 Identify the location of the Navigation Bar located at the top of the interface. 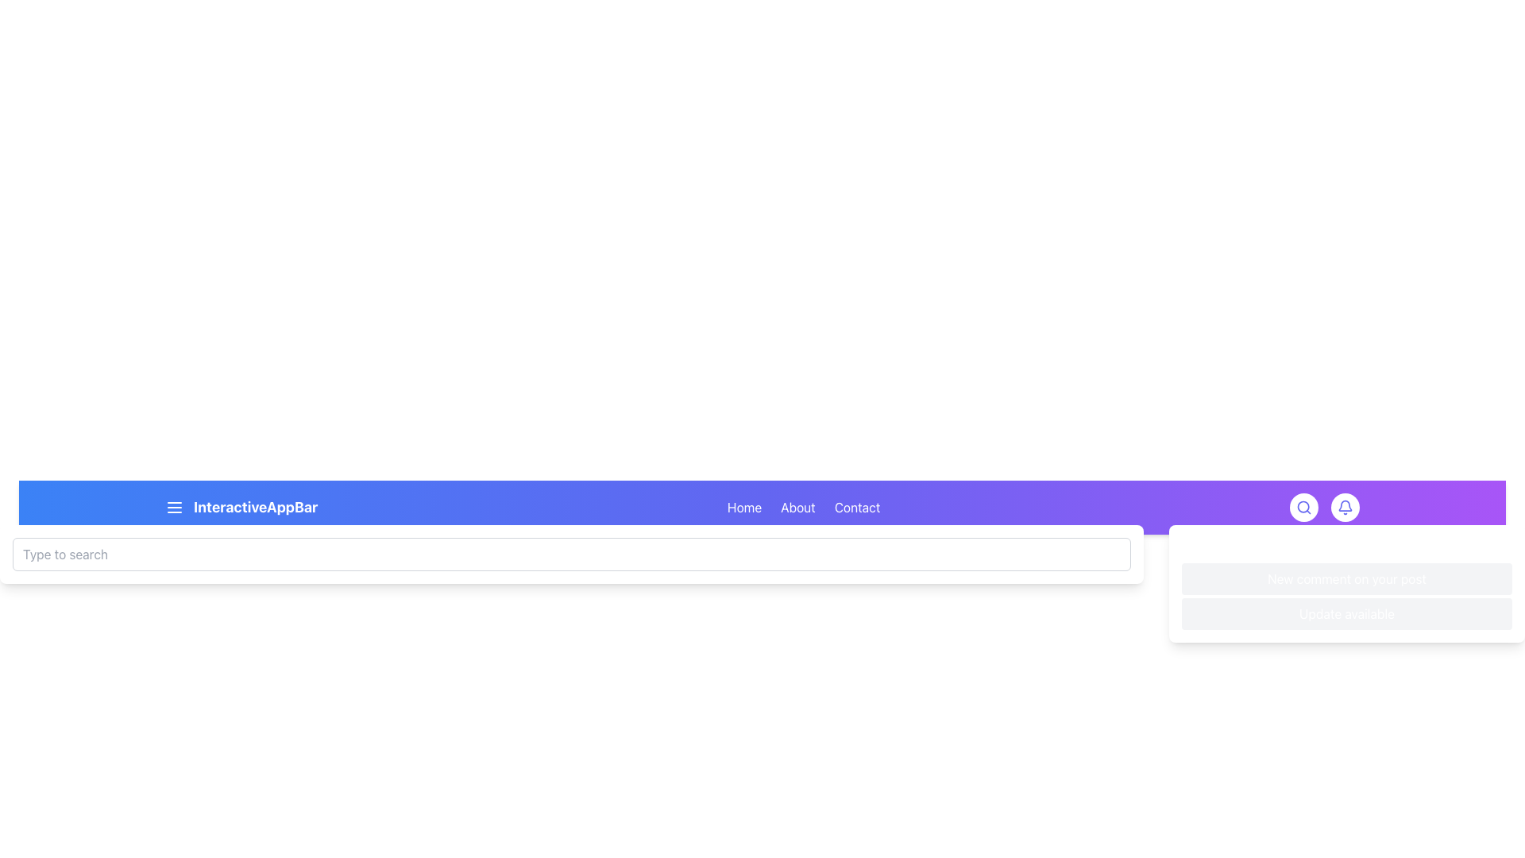
(762, 508).